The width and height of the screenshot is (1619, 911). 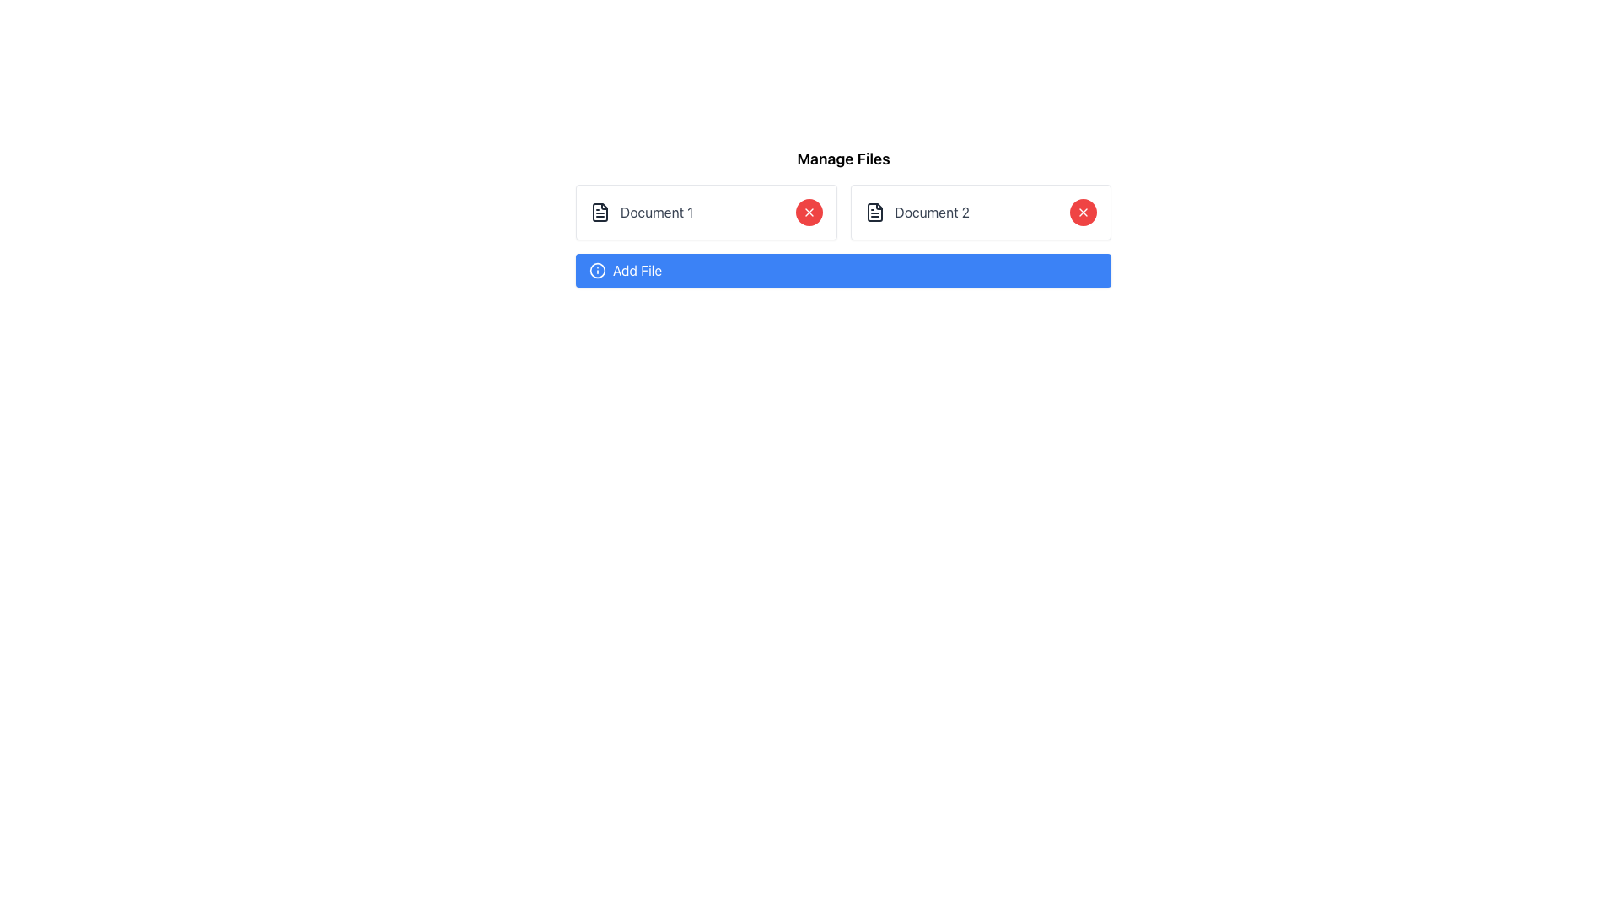 What do you see at coordinates (600, 211) in the screenshot?
I see `the file or document icon located inside the 'Document 1' card, positioned in the left segment of the card` at bounding box center [600, 211].